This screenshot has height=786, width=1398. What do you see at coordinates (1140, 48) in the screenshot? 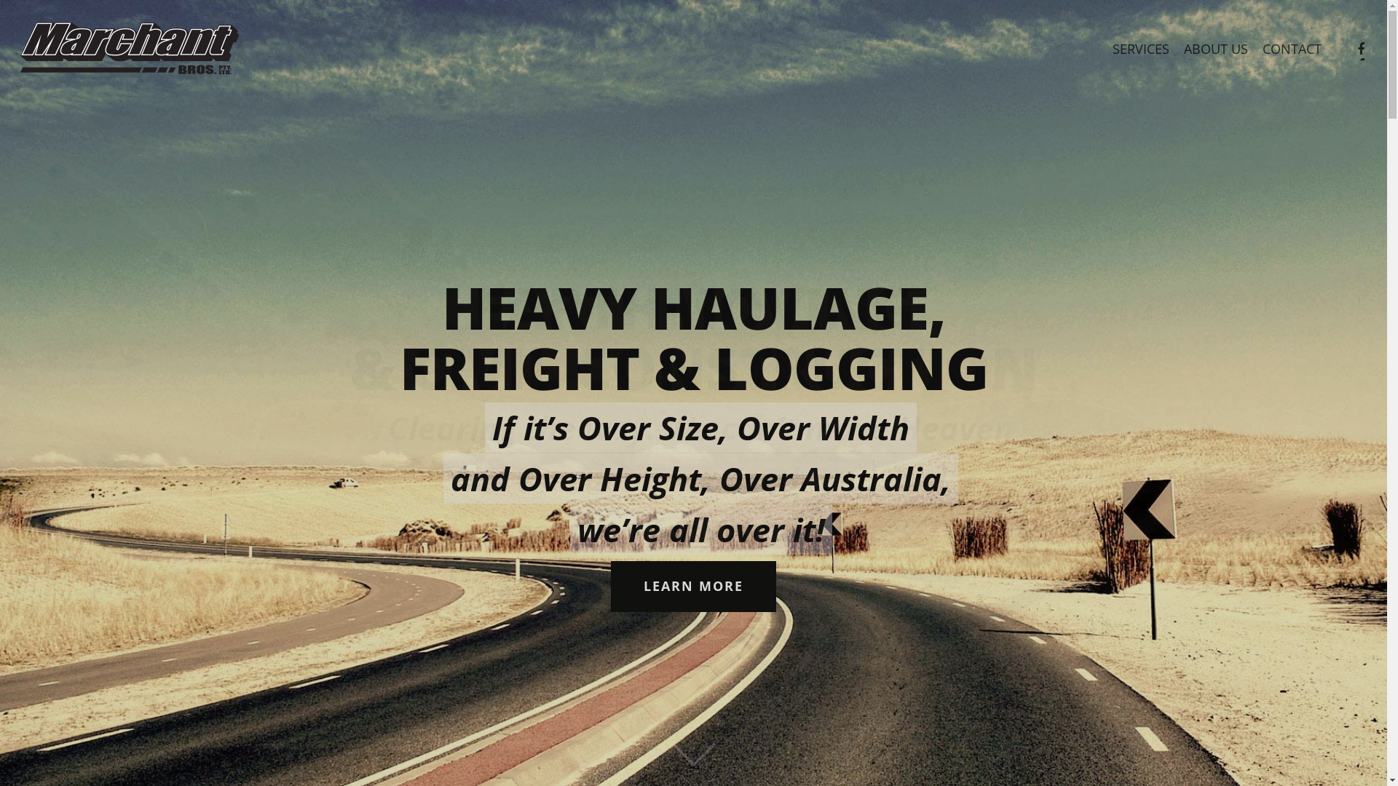
I see `'SERVICES'` at bounding box center [1140, 48].